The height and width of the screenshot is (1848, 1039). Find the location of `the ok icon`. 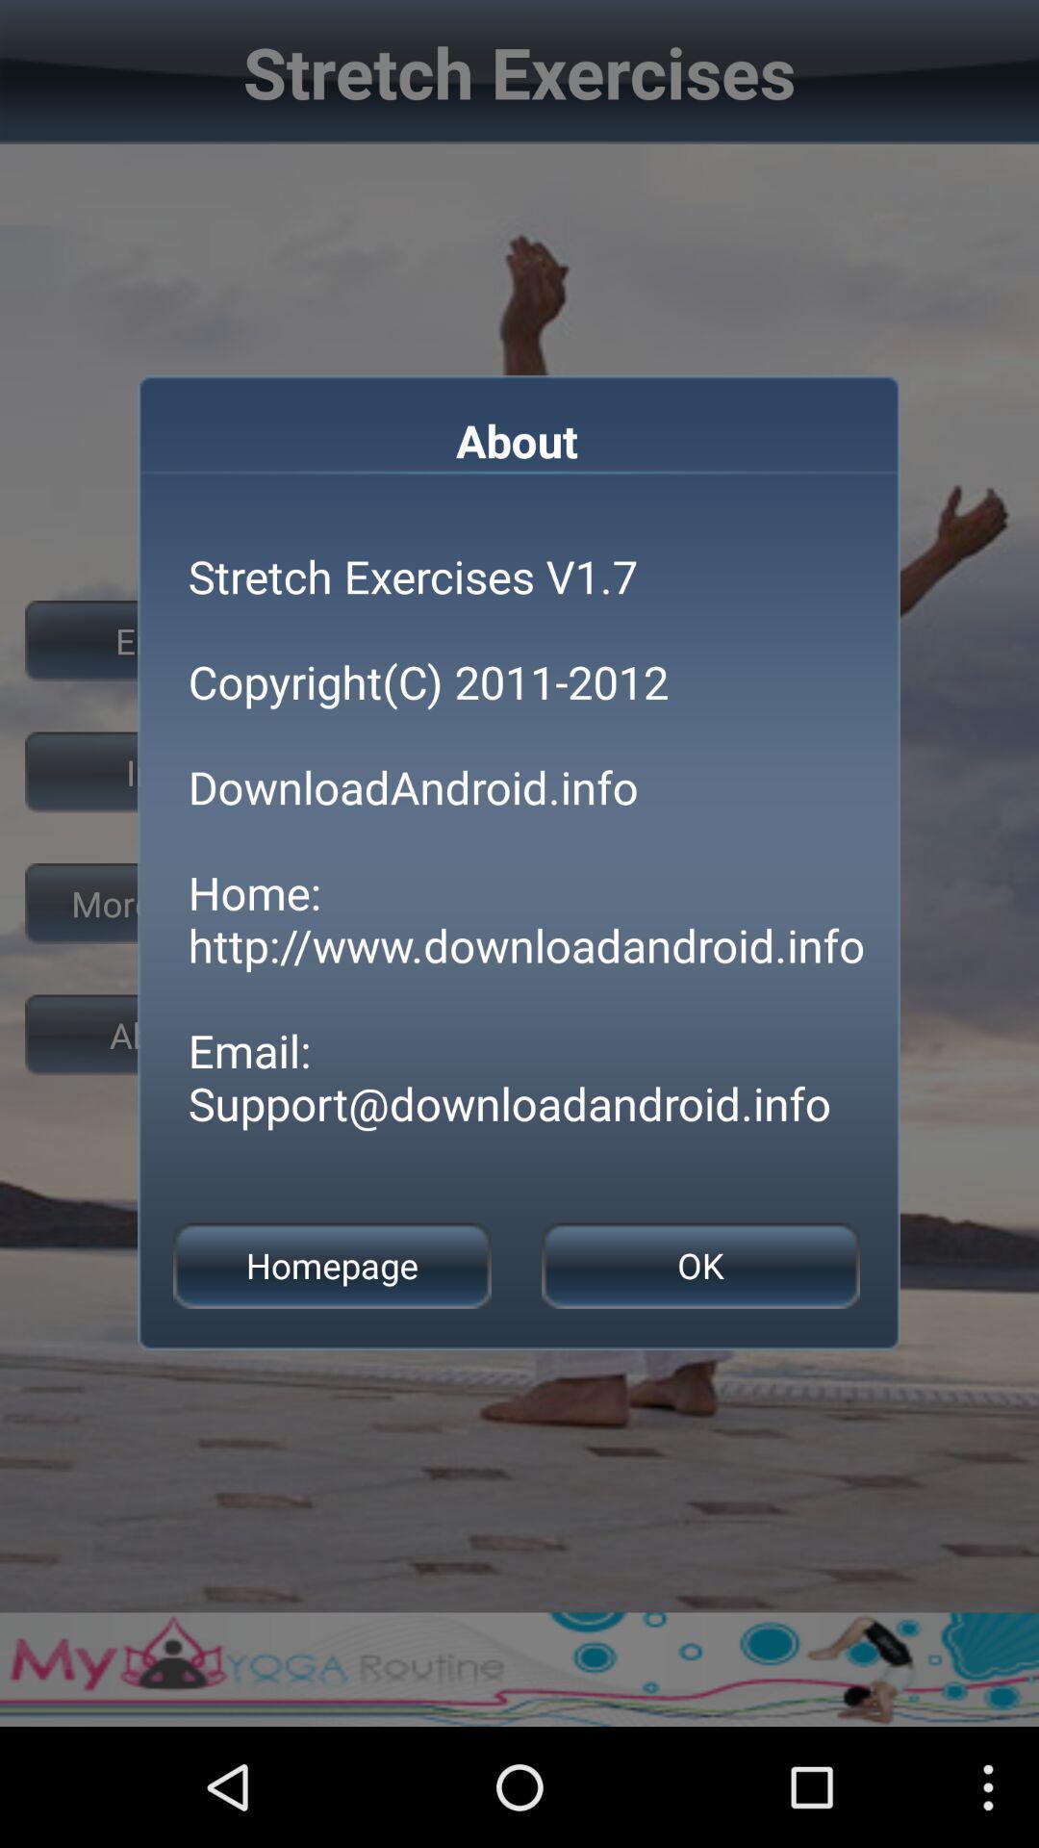

the ok icon is located at coordinates (700, 1266).